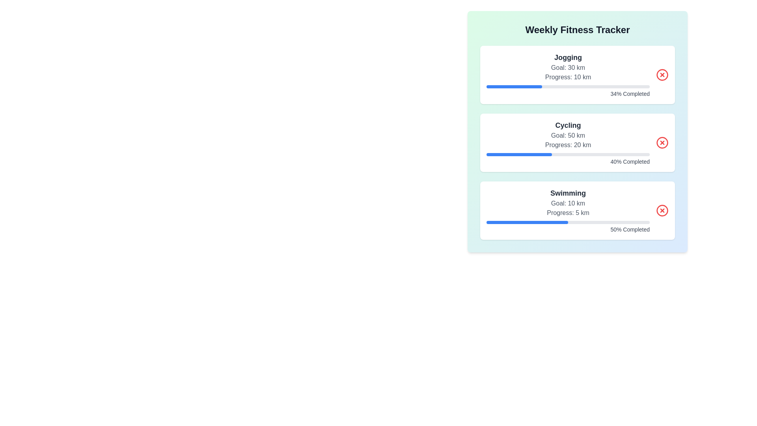 The width and height of the screenshot is (757, 426). Describe the element at coordinates (568, 193) in the screenshot. I see `the 'Swimming' header text, which is displayed in bold, large dark gray font at the top of the third card` at that location.